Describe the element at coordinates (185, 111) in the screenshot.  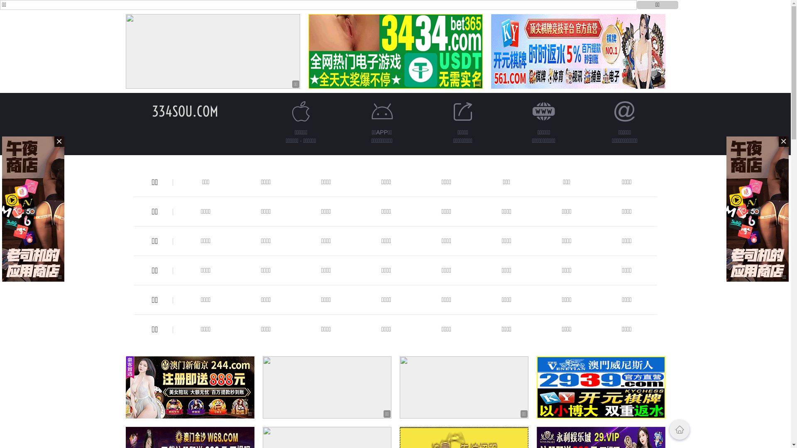
I see `'334SOU.COM'` at that location.